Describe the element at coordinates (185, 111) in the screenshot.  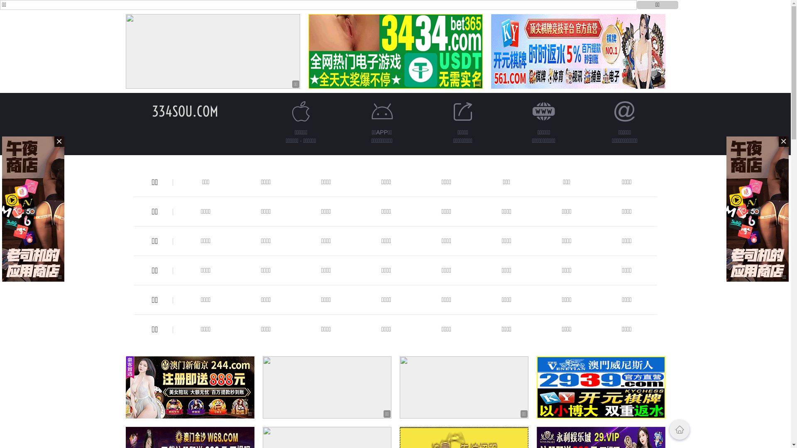
I see `'334SOU.COM'` at that location.